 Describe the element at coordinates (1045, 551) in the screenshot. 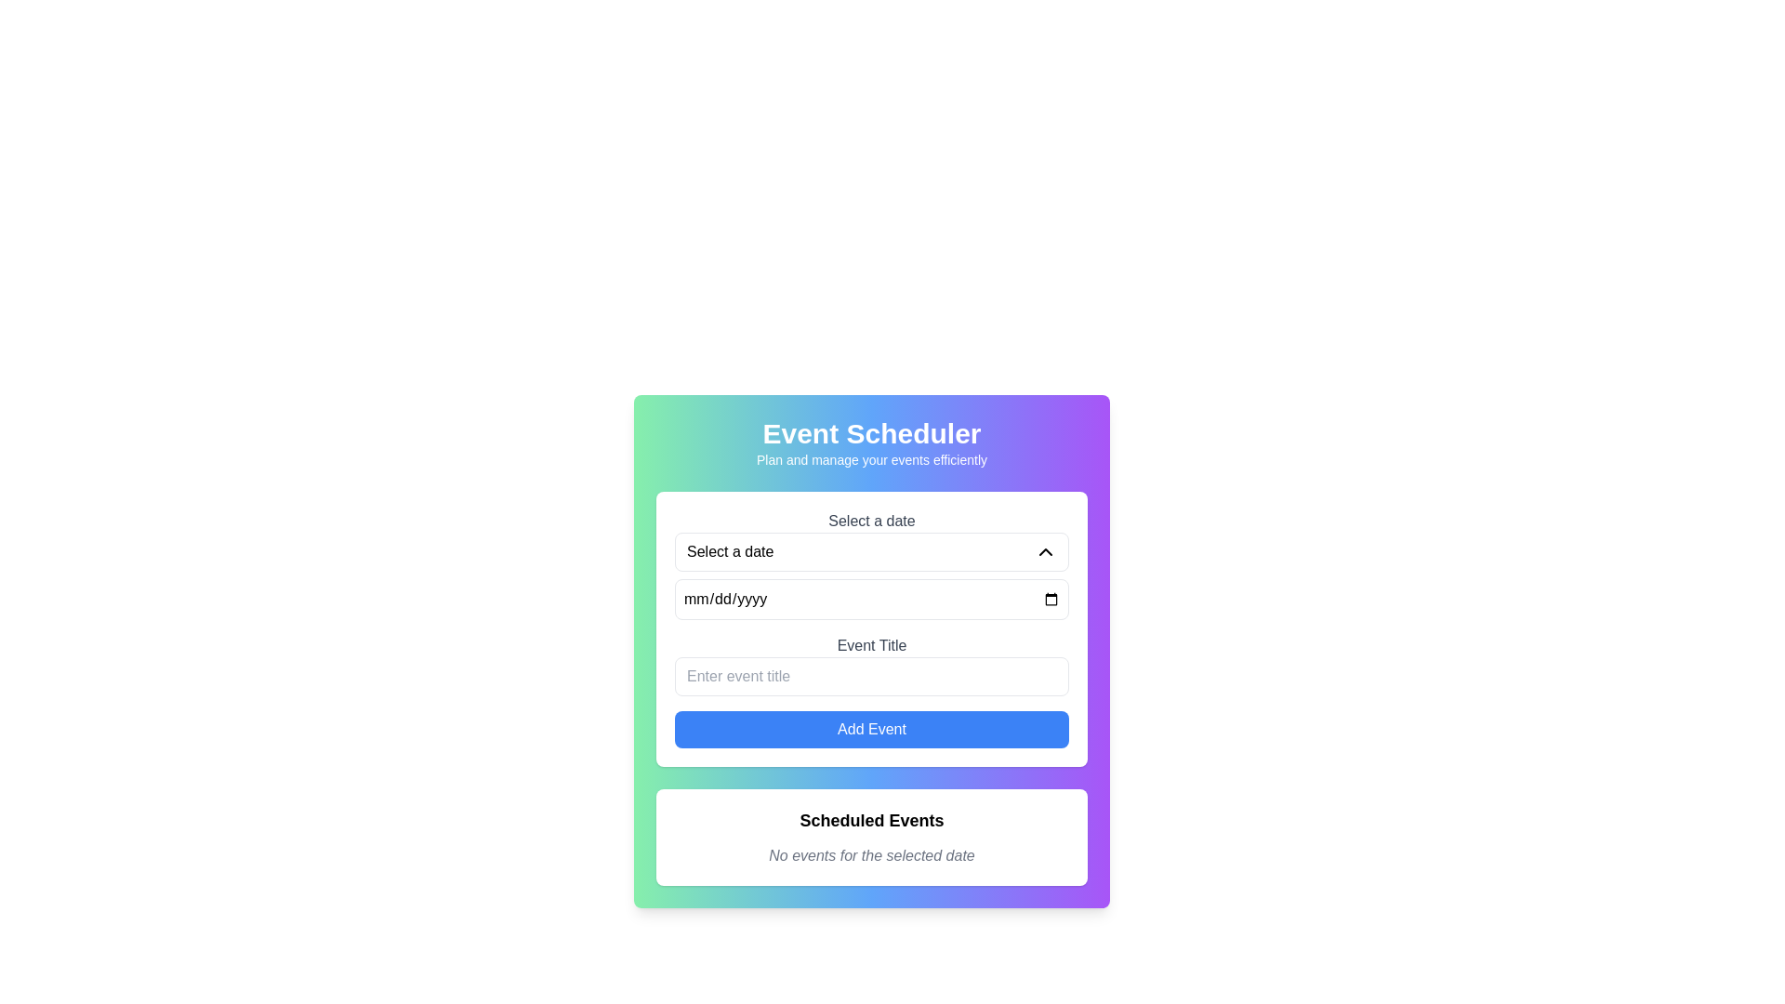

I see `the SVG graphic icon representing a down arrow, located at the upper right section of the card interface, to potentially trigger a hover effect` at that location.